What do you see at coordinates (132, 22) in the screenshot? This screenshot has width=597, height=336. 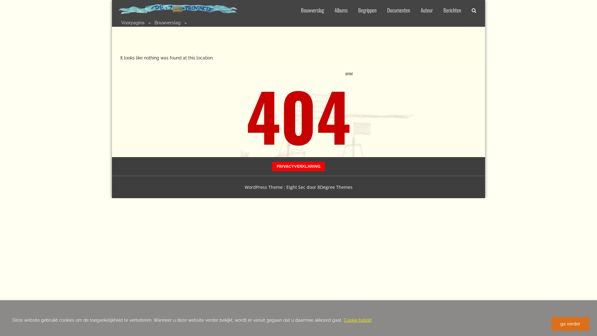 I see `'Voorpagina'` at bounding box center [132, 22].